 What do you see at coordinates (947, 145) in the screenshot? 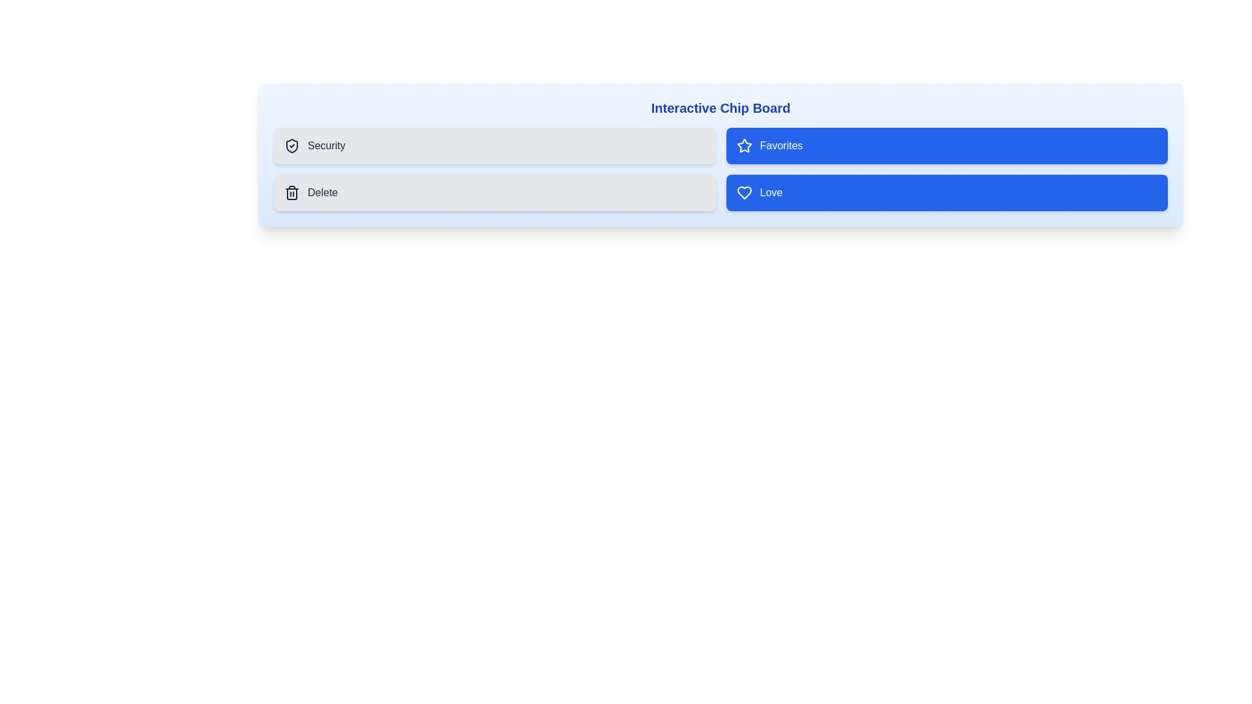
I see `the chip labeled Favorites to toggle its active state` at bounding box center [947, 145].